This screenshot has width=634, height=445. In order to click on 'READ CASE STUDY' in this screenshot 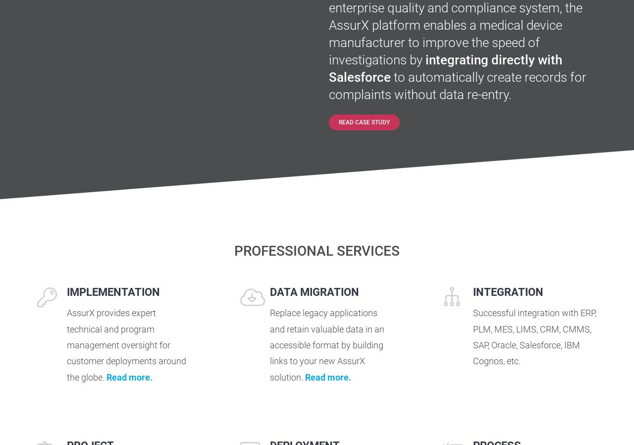, I will do `click(363, 122)`.